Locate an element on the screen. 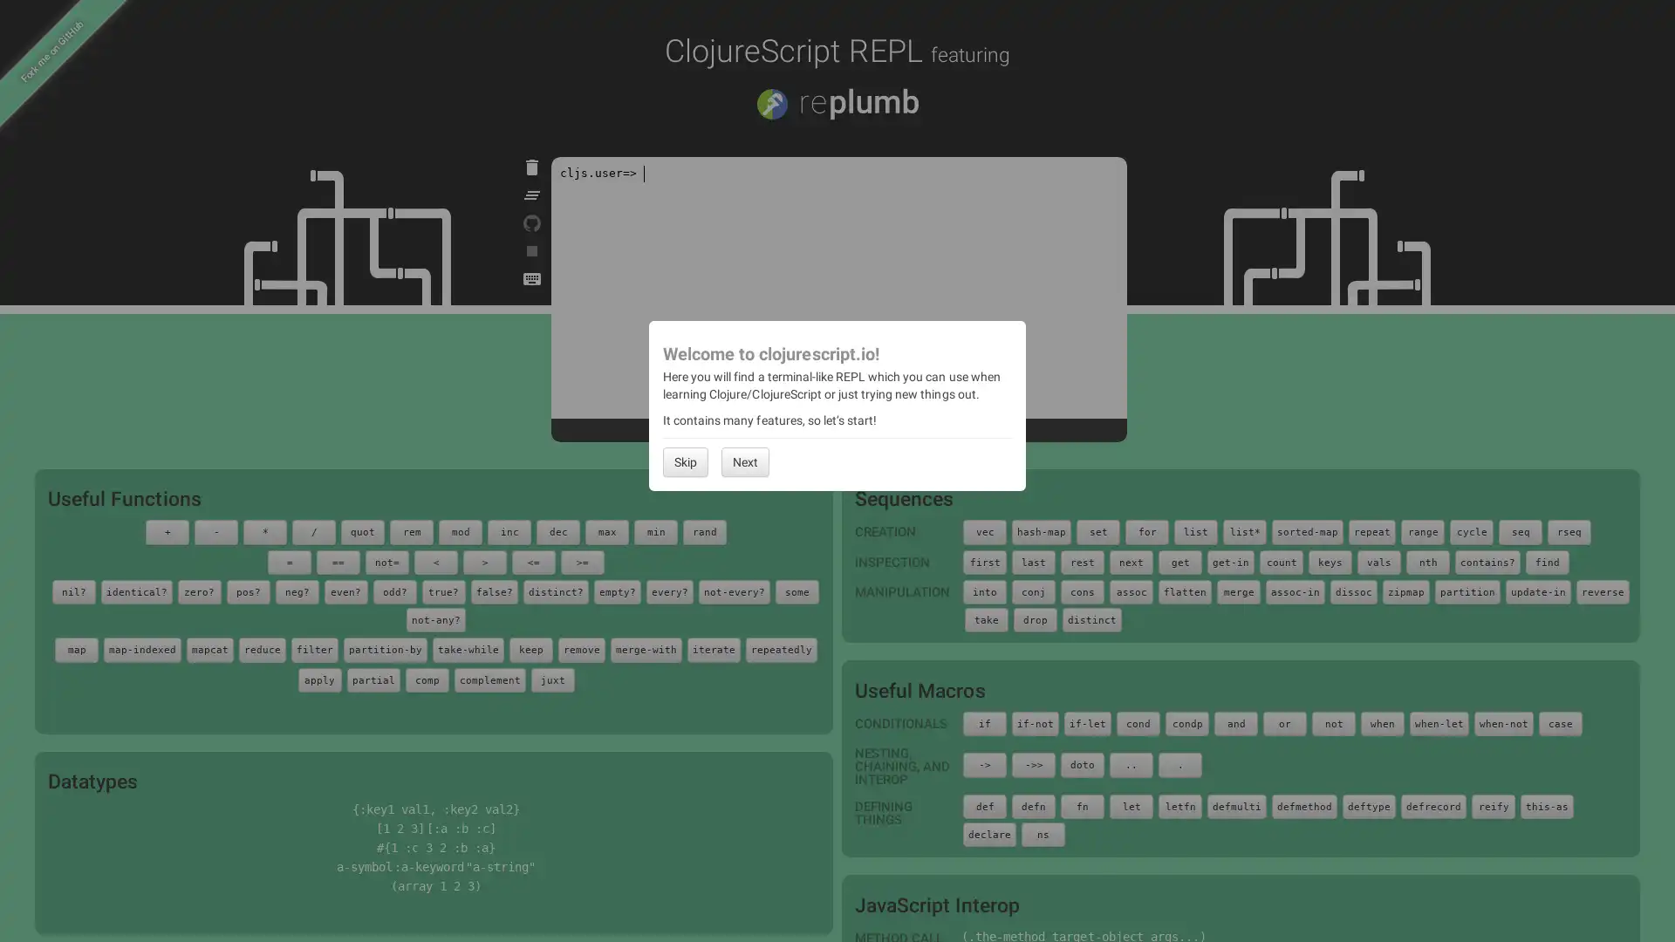  apply is located at coordinates (318, 679).